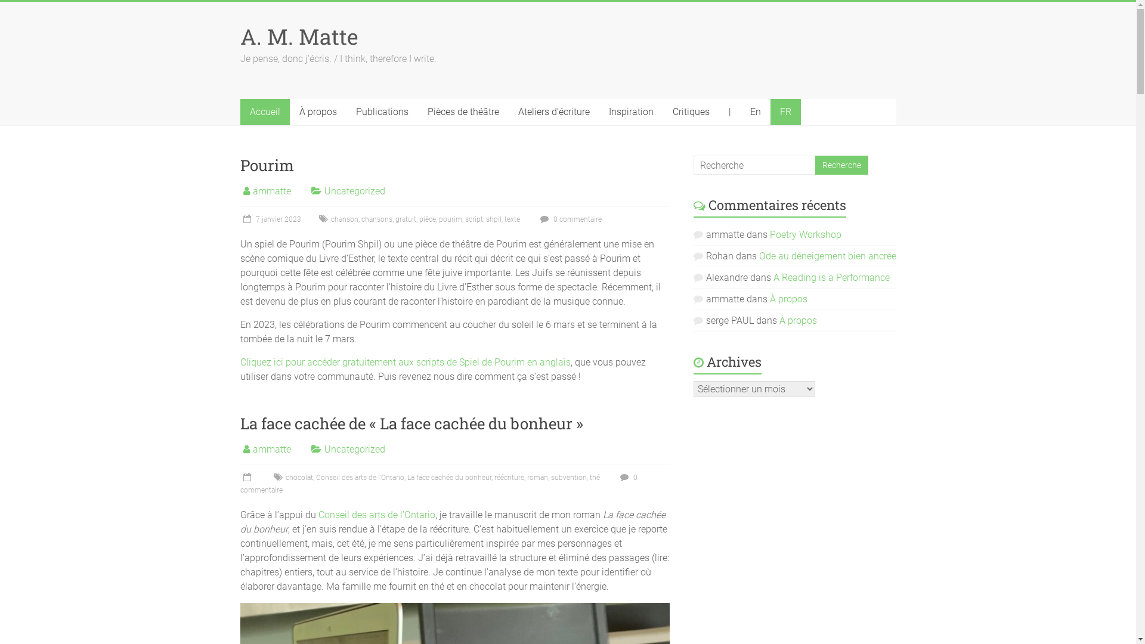 The width and height of the screenshot is (1145, 644). Describe the element at coordinates (785, 112) in the screenshot. I see `'FR'` at that location.